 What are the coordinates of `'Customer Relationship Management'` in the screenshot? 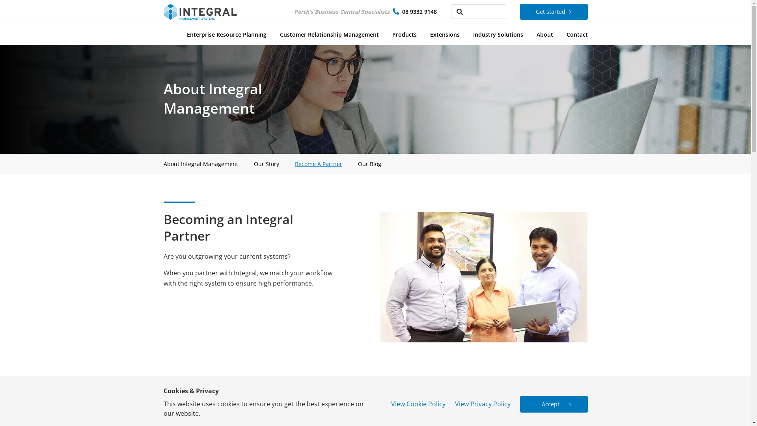 It's located at (329, 32).